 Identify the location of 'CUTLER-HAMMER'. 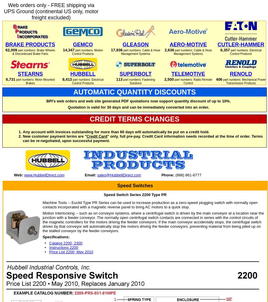
(241, 44).